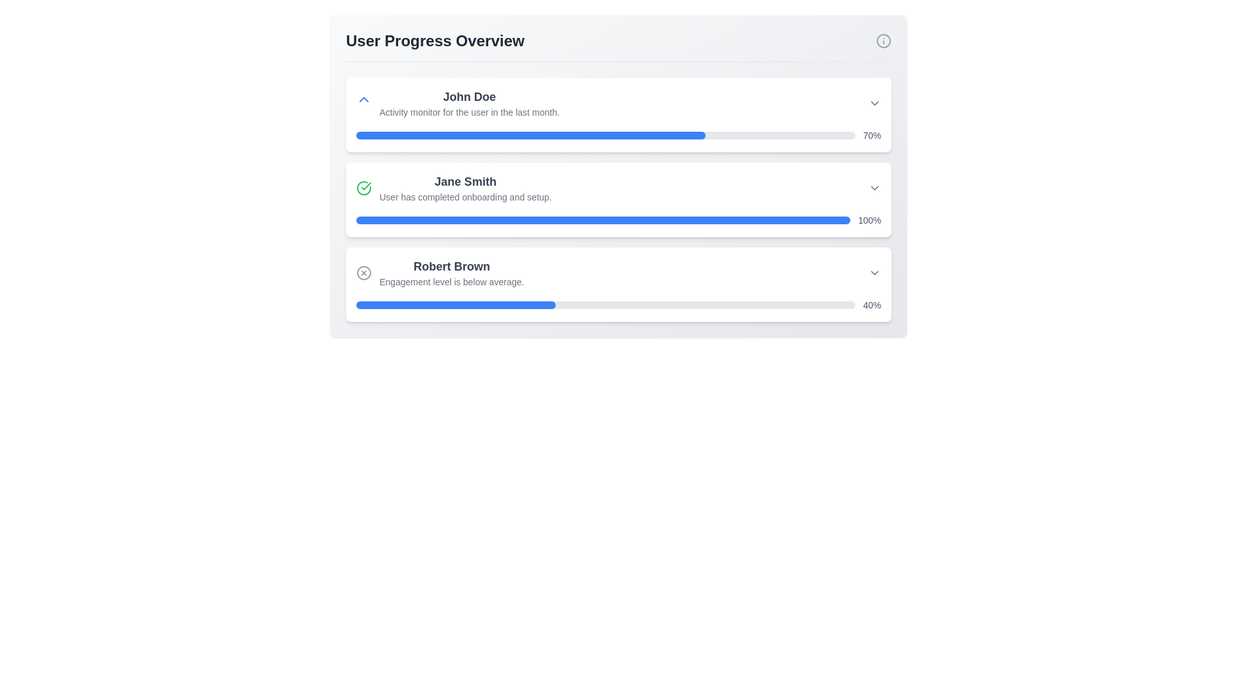 The width and height of the screenshot is (1235, 694). What do you see at coordinates (872, 305) in the screenshot?
I see `value of the text label displaying '40%' in gray font, which is located to the right of a progress bar in the bottom section of a three-item list layout` at bounding box center [872, 305].